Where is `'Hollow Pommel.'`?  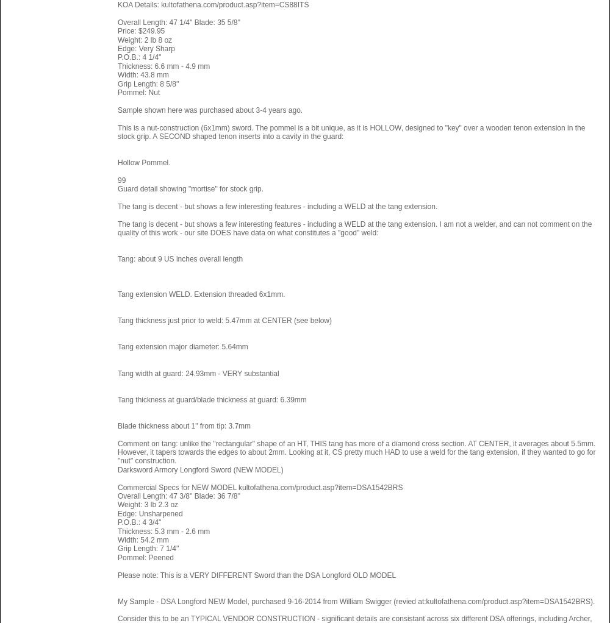 'Hollow Pommel.' is located at coordinates (143, 163).